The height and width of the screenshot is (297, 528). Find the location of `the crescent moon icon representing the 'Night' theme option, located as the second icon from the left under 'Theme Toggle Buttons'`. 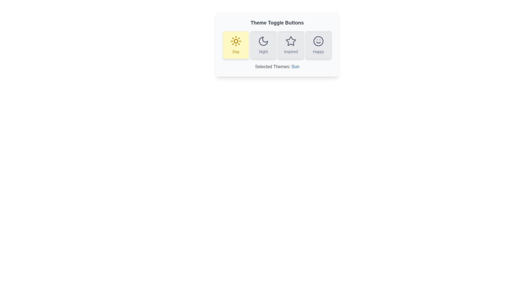

the crescent moon icon representing the 'Night' theme option, located as the second icon from the left under 'Theme Toggle Buttons' is located at coordinates (263, 41).